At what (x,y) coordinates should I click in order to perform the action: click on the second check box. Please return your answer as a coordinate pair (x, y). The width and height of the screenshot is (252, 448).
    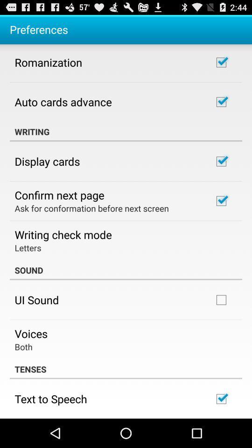
    Looking at the image, I should click on (221, 102).